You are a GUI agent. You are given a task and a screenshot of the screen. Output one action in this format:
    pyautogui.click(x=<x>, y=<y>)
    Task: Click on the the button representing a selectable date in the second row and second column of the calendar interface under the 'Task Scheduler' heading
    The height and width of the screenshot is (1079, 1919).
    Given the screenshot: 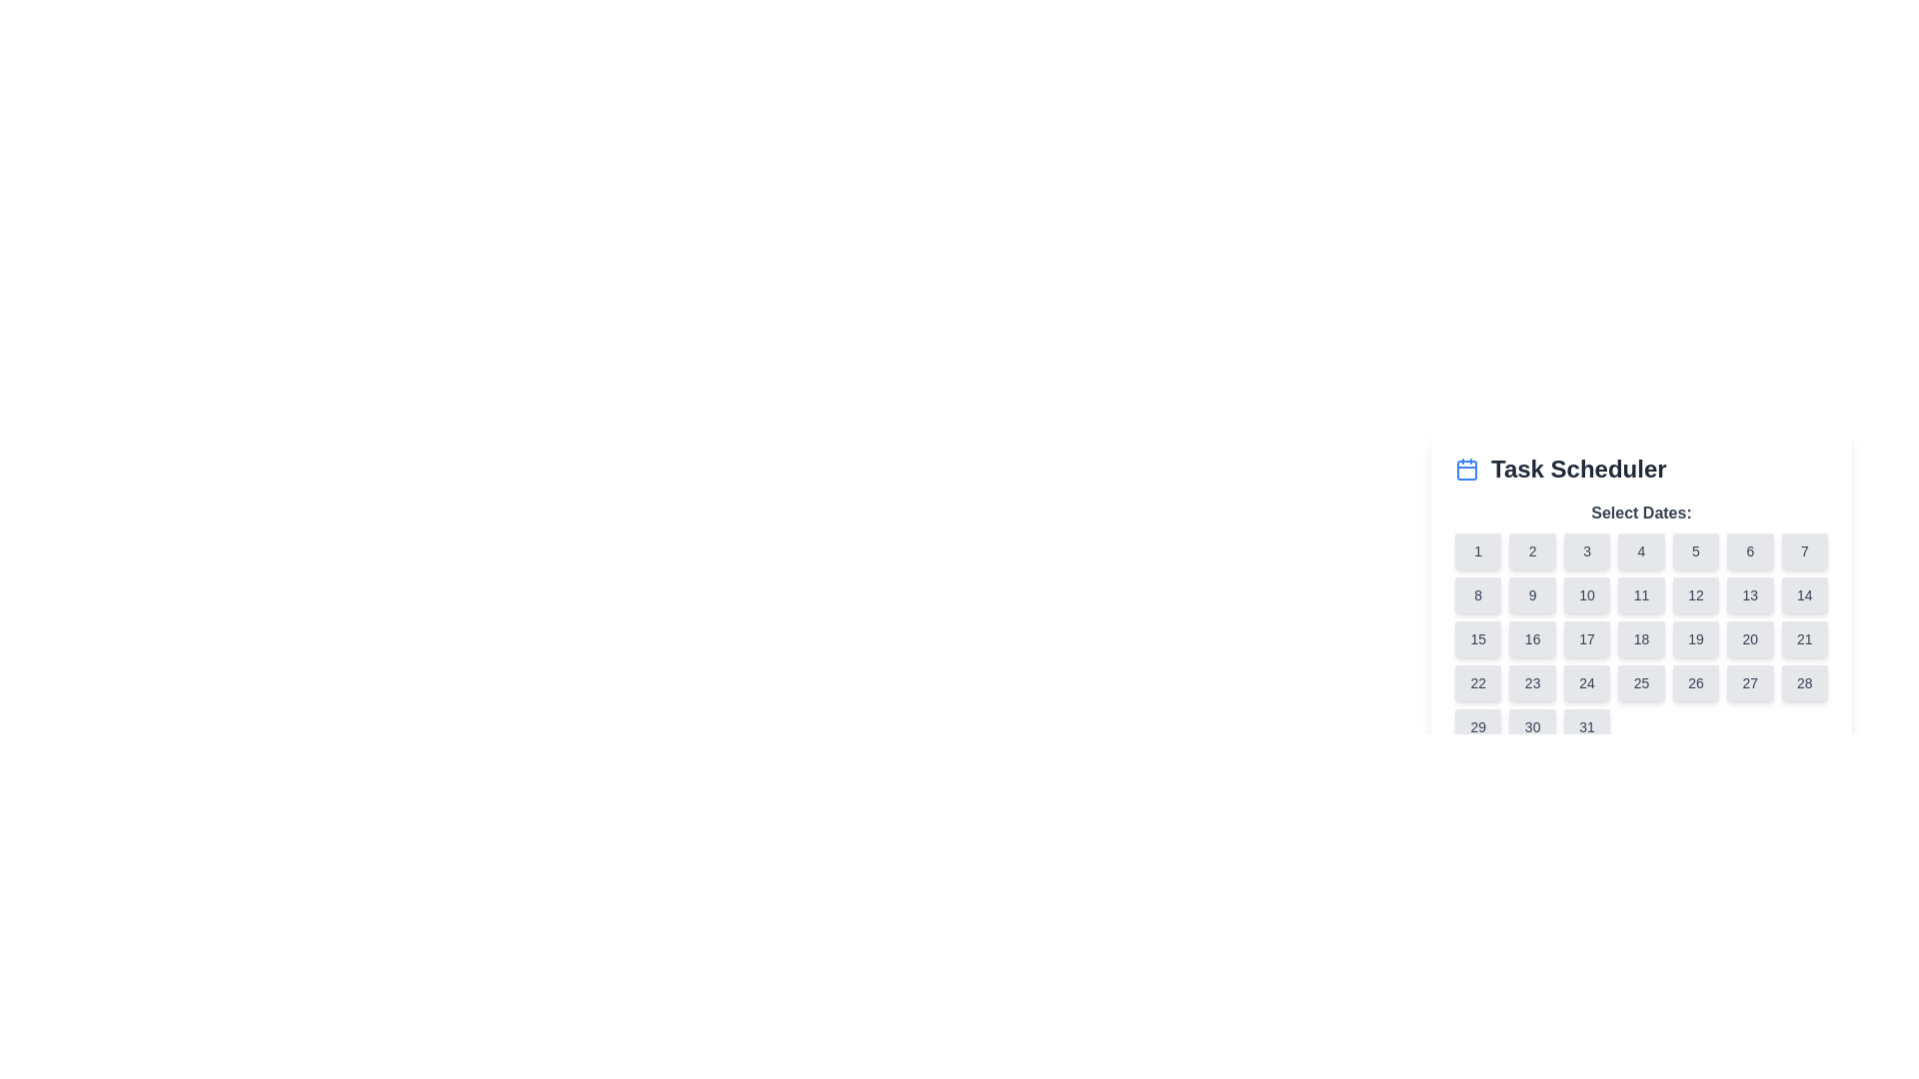 What is the action you would take?
    pyautogui.click(x=1531, y=594)
    